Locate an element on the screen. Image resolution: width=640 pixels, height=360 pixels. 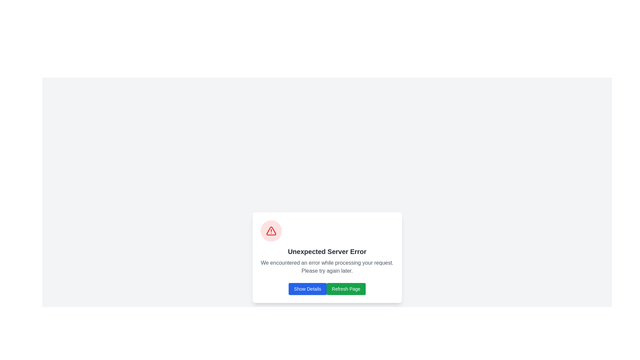
the error or warning icon located at the top-left of the popup card, which indicates an error state in the interface is located at coordinates (271, 231).